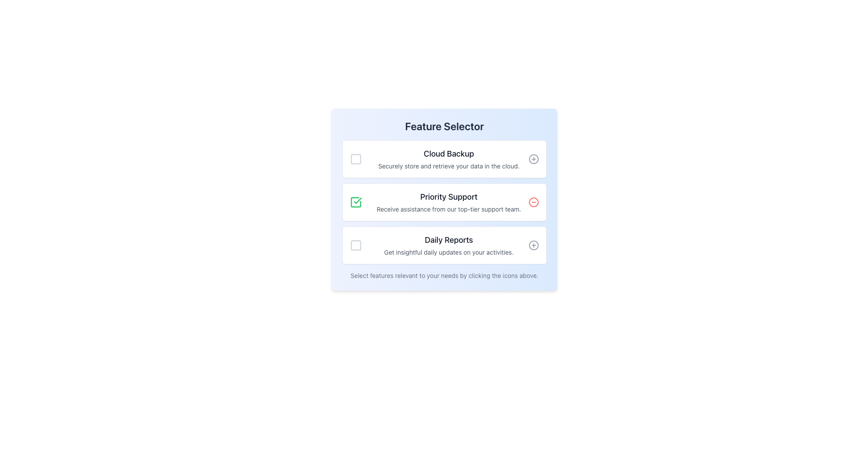  Describe the element at coordinates (533, 159) in the screenshot. I see `the circular graphic element that serves as a visual indicator for the 'Cloud Backup' option, located at the top-right corner of its clickable rectangular area` at that location.